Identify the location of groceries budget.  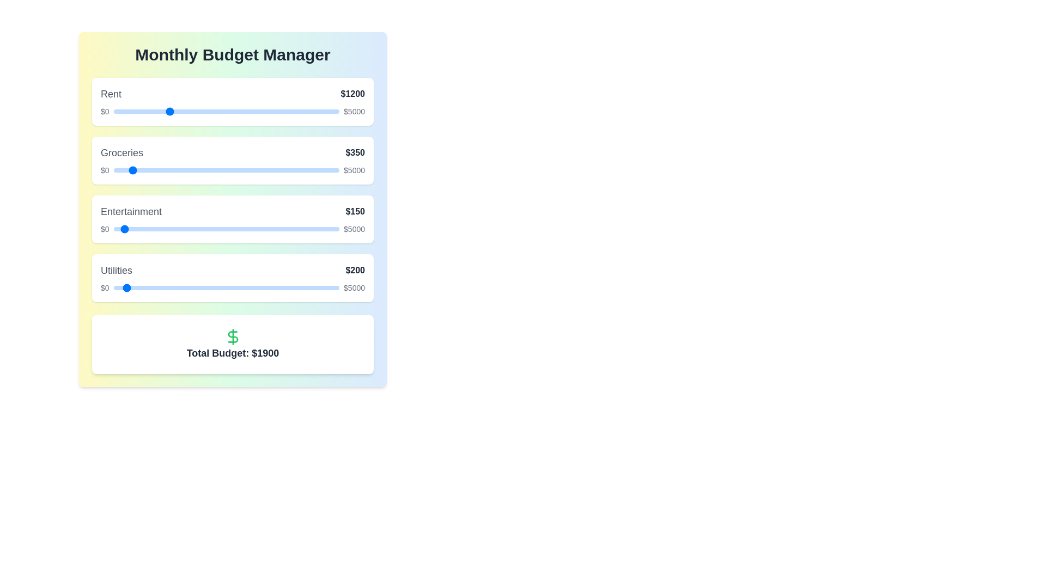
(130, 170).